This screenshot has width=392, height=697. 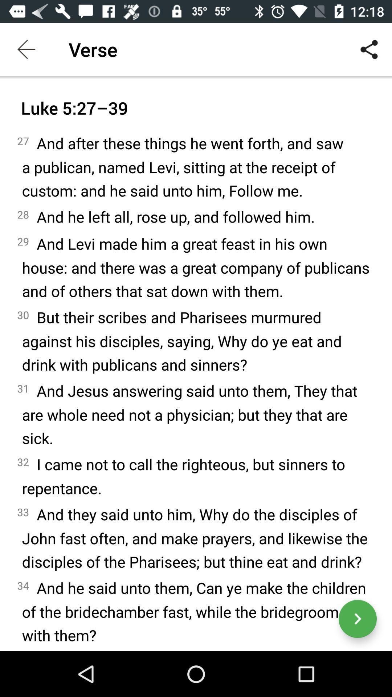 What do you see at coordinates (357, 618) in the screenshot?
I see `the arrow_forward icon` at bounding box center [357, 618].